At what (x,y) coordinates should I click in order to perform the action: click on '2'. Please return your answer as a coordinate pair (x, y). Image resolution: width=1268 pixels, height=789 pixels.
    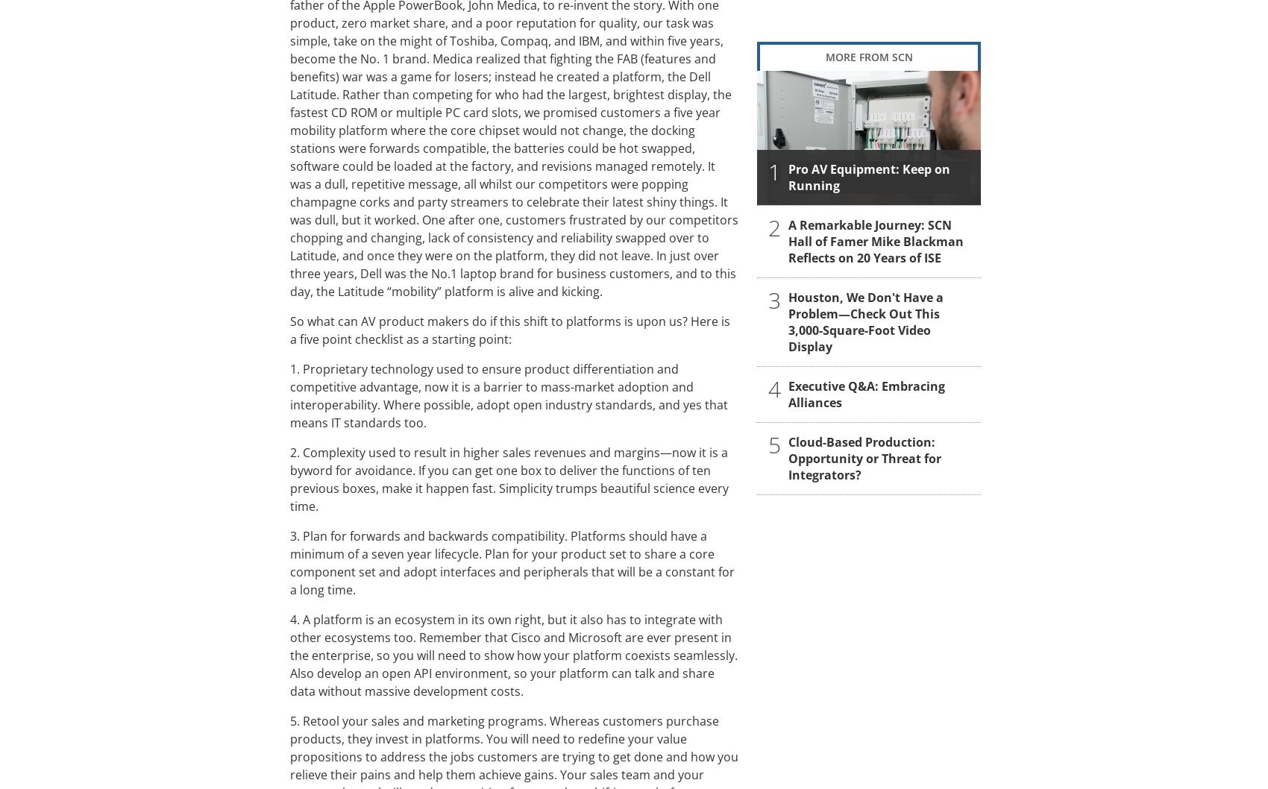
    Looking at the image, I should click on (773, 226).